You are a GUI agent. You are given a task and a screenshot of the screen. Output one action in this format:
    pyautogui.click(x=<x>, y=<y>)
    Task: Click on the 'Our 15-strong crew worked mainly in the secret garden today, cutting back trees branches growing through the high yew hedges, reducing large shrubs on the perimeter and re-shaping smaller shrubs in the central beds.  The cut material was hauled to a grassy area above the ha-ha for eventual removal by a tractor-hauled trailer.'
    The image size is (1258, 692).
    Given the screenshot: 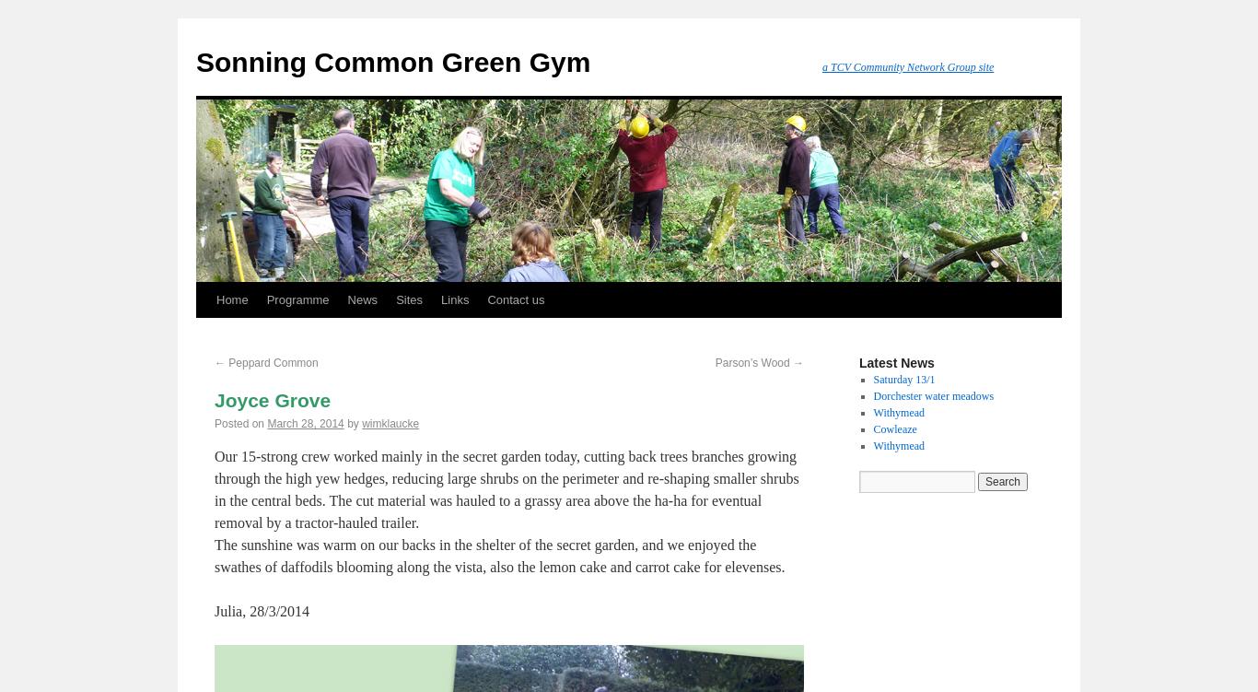 What is the action you would take?
    pyautogui.click(x=506, y=488)
    